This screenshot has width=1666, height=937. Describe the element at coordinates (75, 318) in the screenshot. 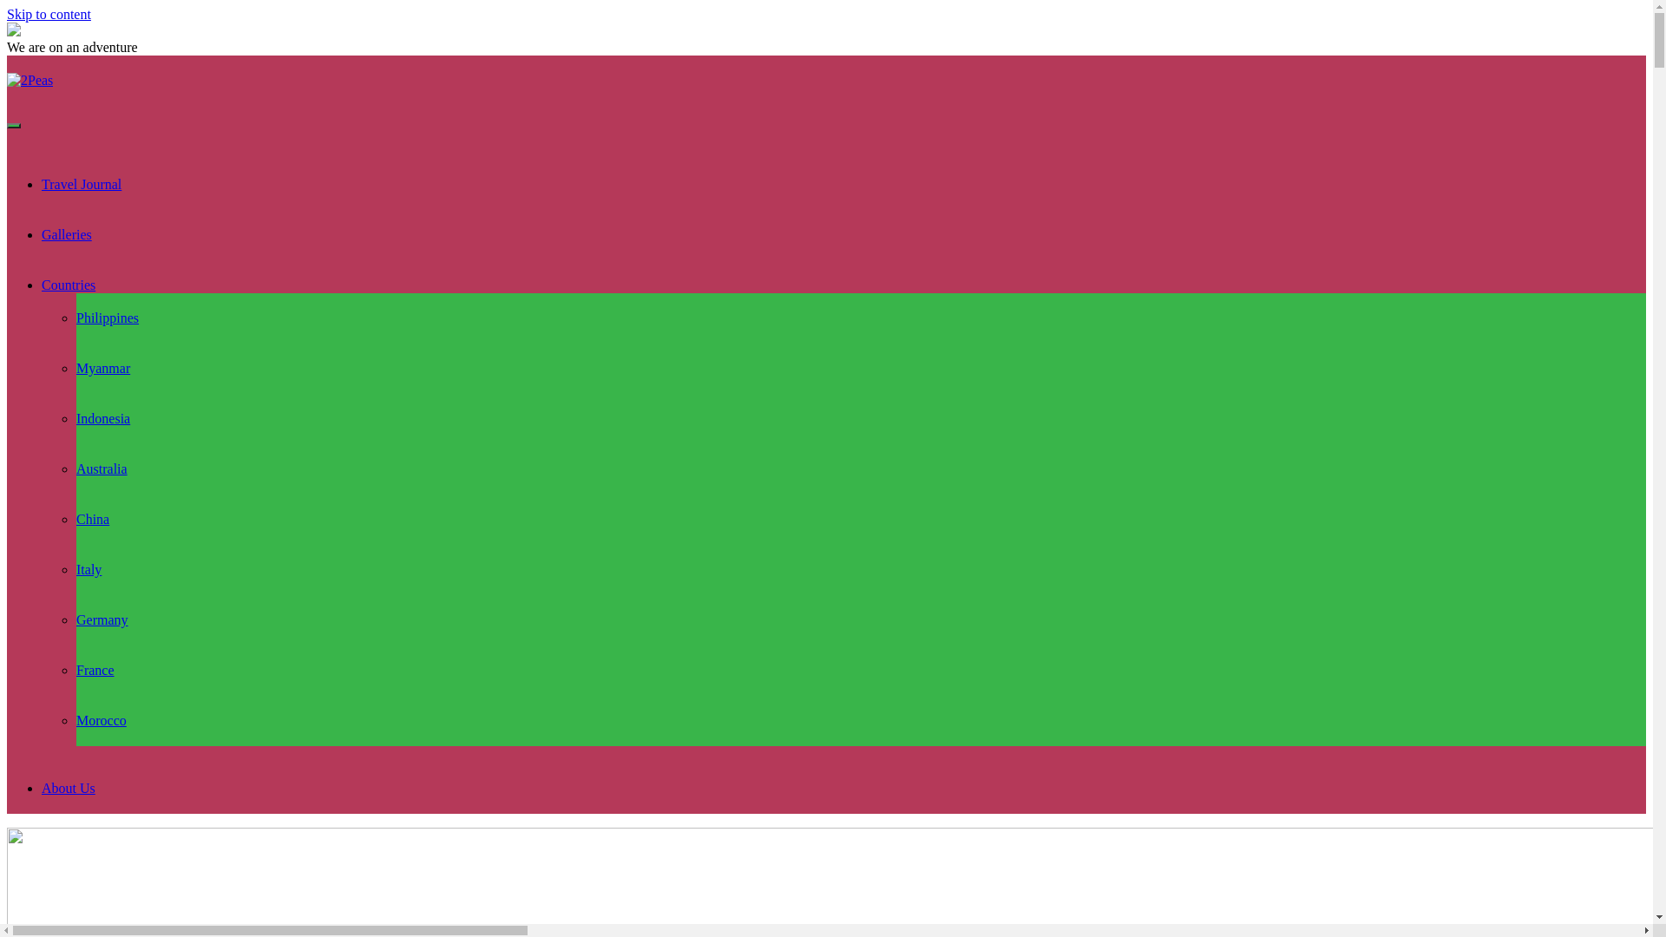

I see `'Philippines'` at that location.